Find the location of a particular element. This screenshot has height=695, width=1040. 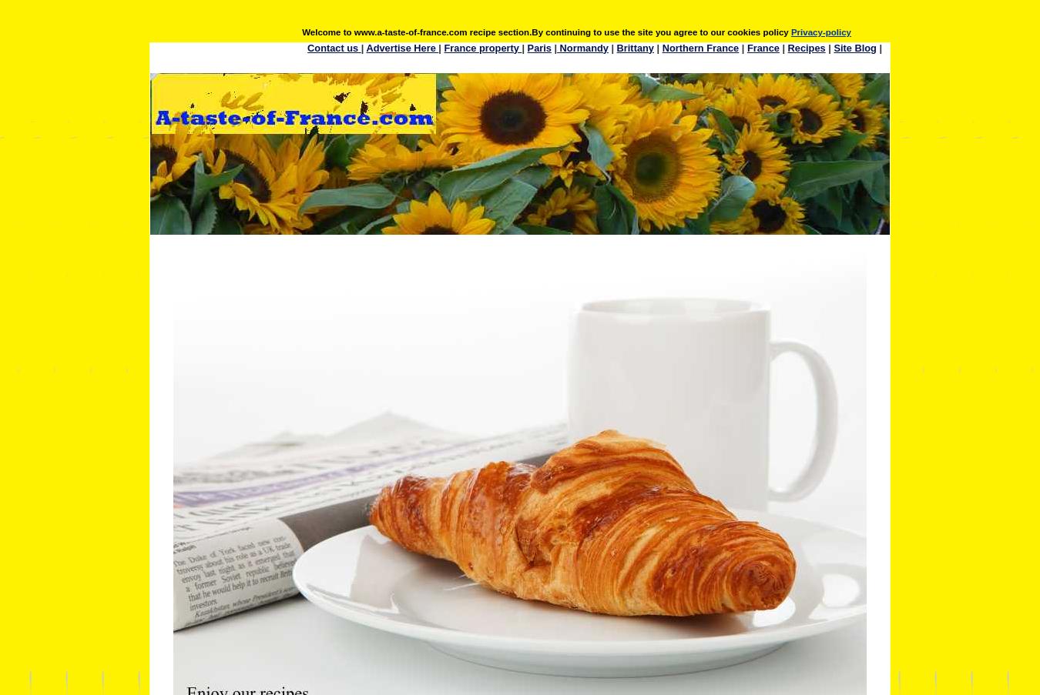

'Recipes' is located at coordinates (806, 46).